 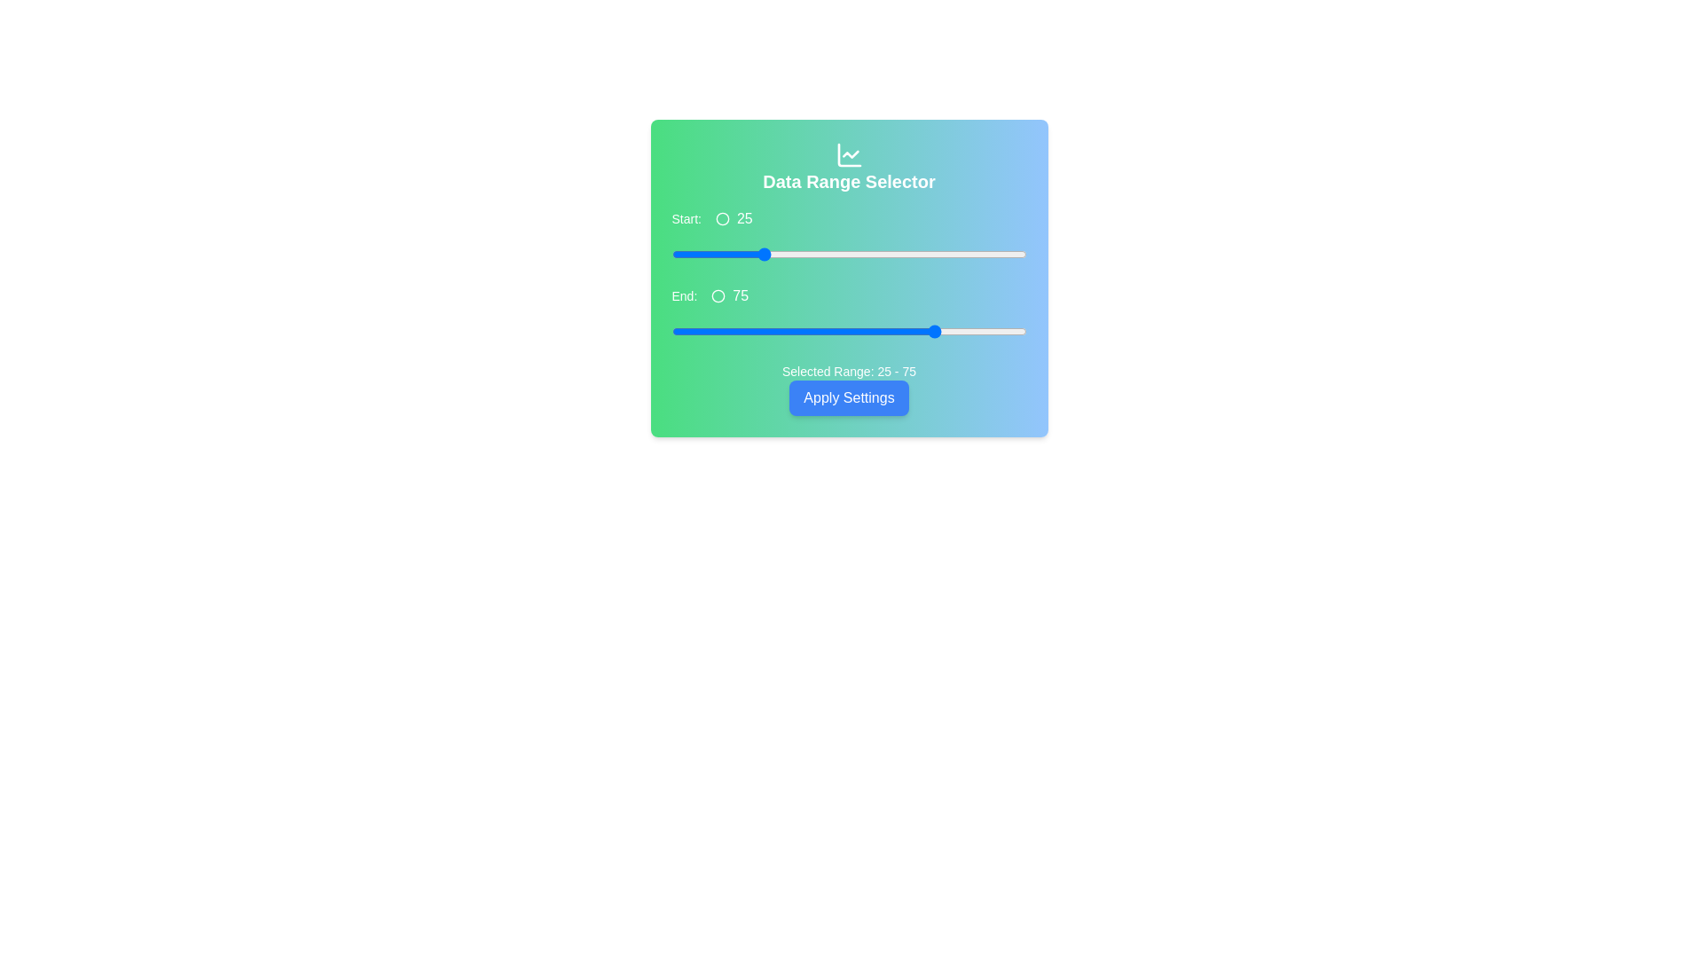 What do you see at coordinates (902, 254) in the screenshot?
I see `the slider` at bounding box center [902, 254].